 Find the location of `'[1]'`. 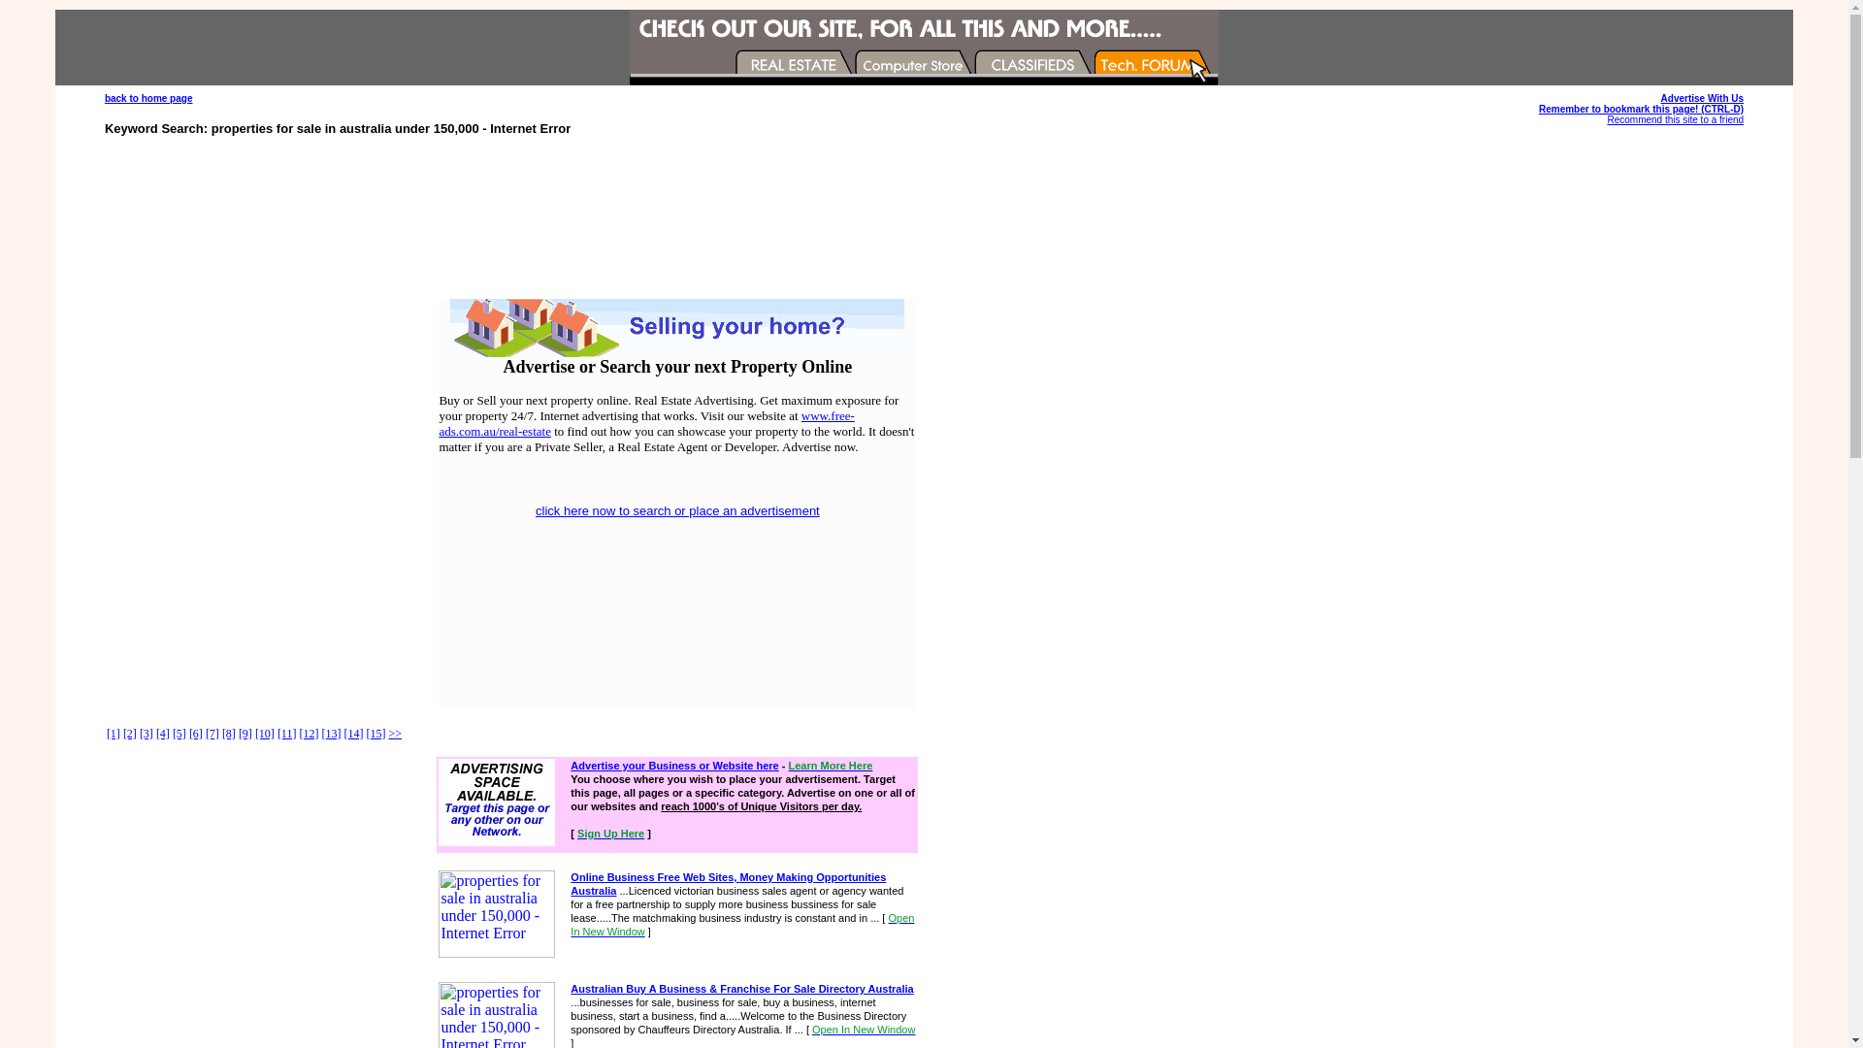

'[1]' is located at coordinates (106, 734).